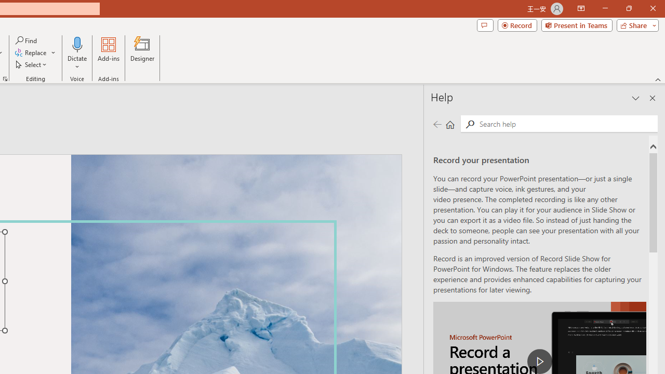  Describe the element at coordinates (576, 24) in the screenshot. I see `'Present in Teams'` at that location.